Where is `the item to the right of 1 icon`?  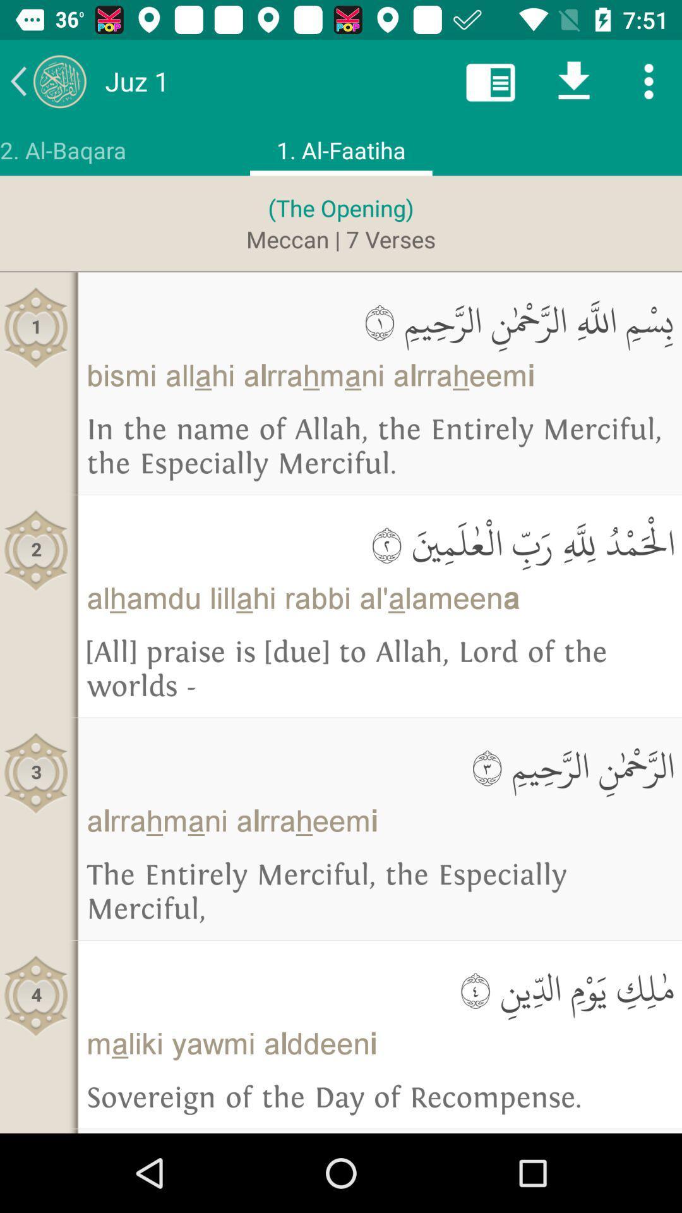
the item to the right of 1 icon is located at coordinates (379, 320).